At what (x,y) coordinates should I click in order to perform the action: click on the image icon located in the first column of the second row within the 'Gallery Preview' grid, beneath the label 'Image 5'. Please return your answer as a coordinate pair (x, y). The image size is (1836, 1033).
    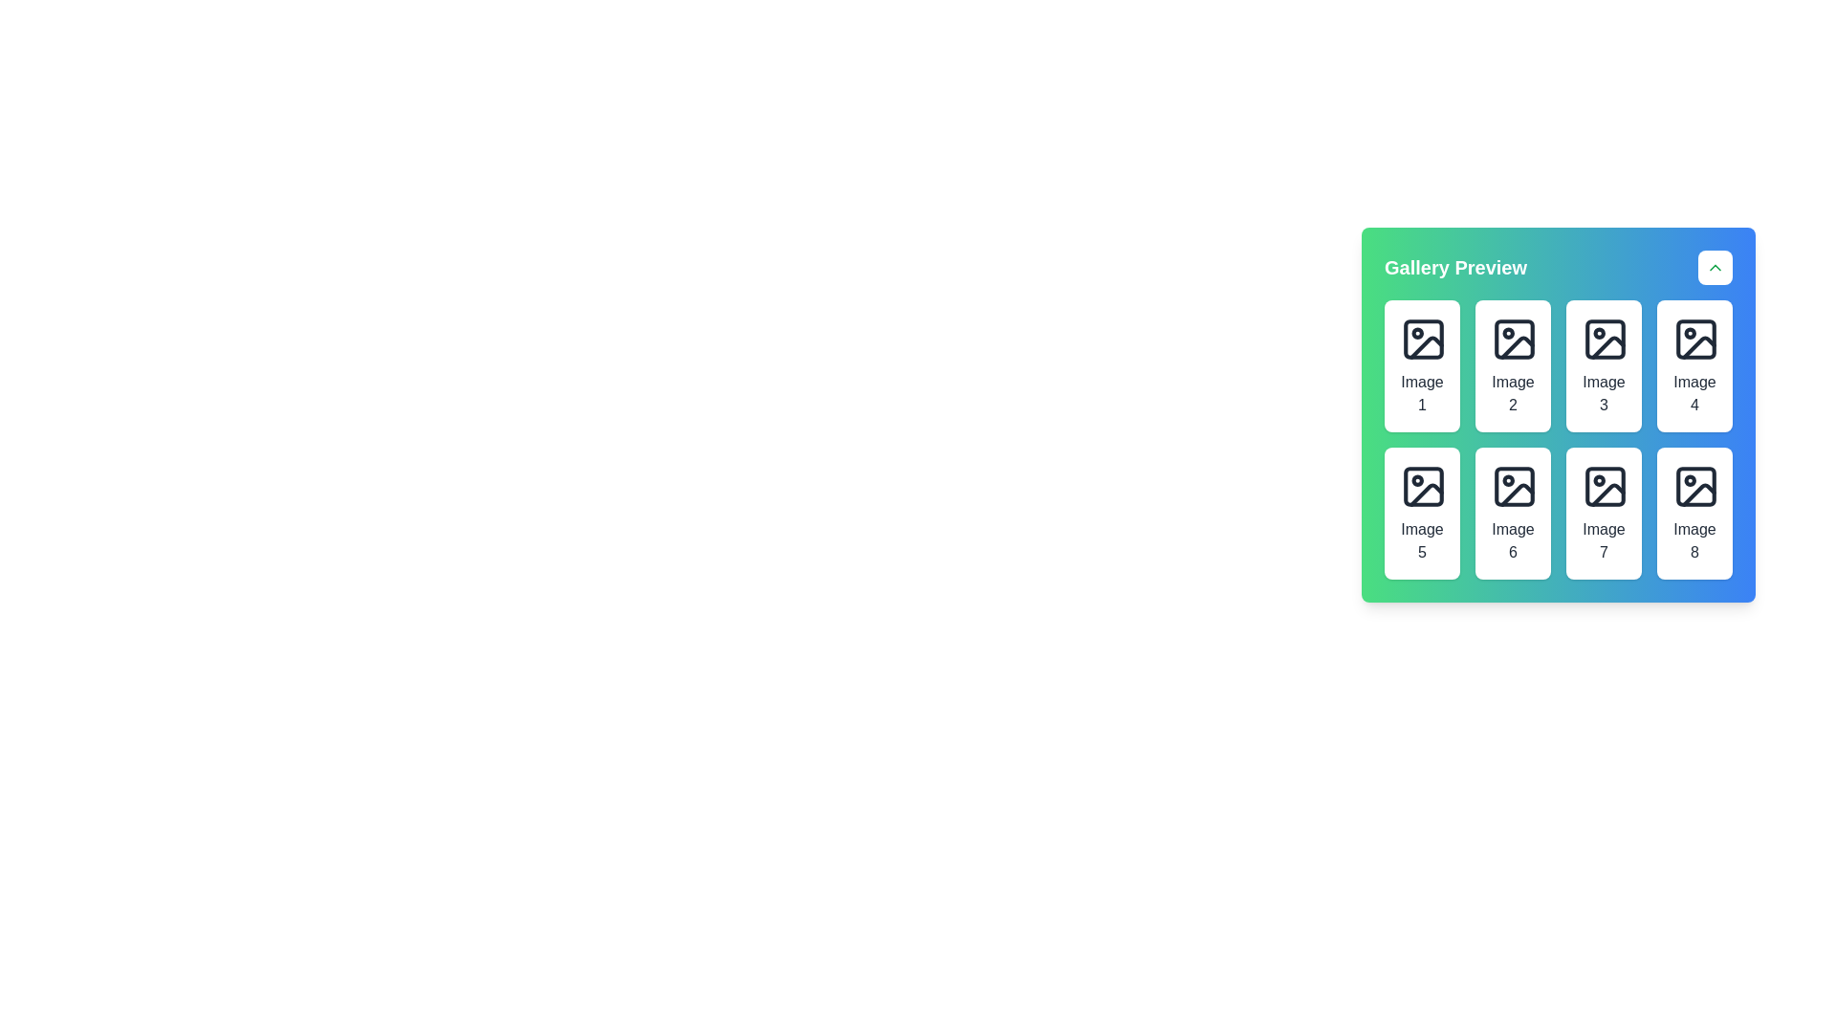
    Looking at the image, I should click on (1423, 486).